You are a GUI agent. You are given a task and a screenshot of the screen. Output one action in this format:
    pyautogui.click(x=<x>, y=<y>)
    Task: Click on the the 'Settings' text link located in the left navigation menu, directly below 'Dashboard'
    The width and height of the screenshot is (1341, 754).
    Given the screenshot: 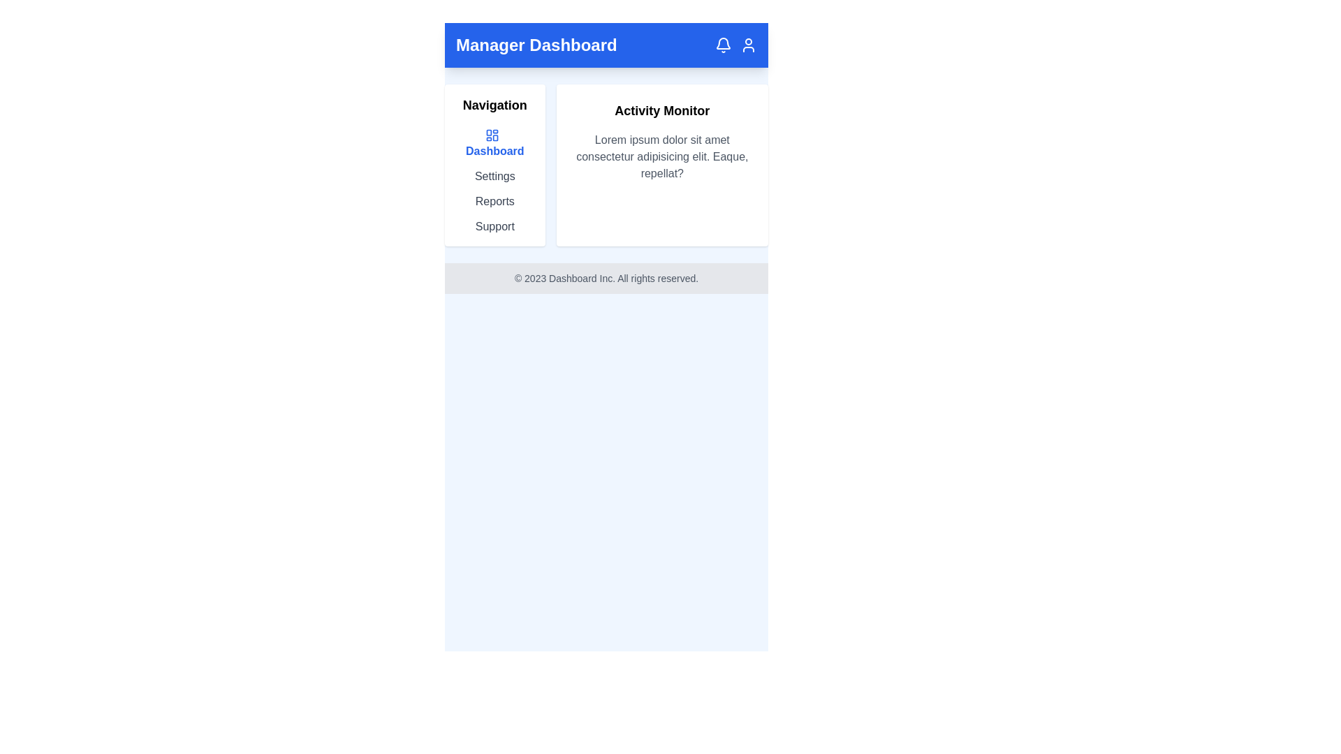 What is the action you would take?
    pyautogui.click(x=494, y=176)
    